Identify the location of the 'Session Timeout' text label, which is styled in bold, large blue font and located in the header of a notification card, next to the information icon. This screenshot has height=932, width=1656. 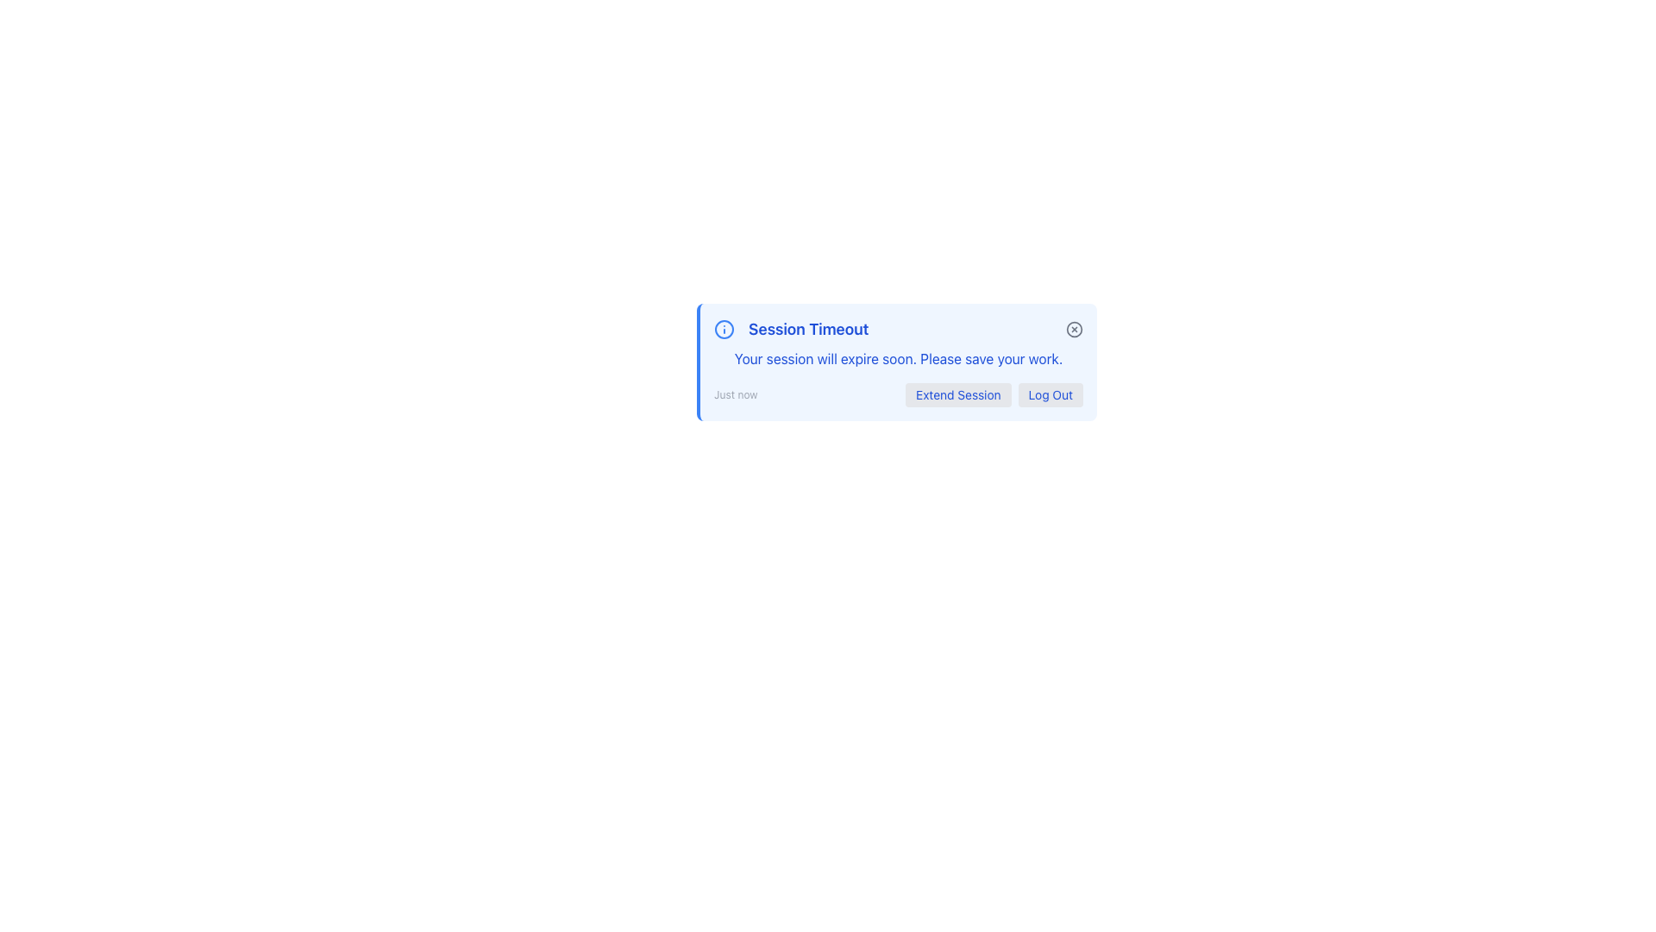
(807, 329).